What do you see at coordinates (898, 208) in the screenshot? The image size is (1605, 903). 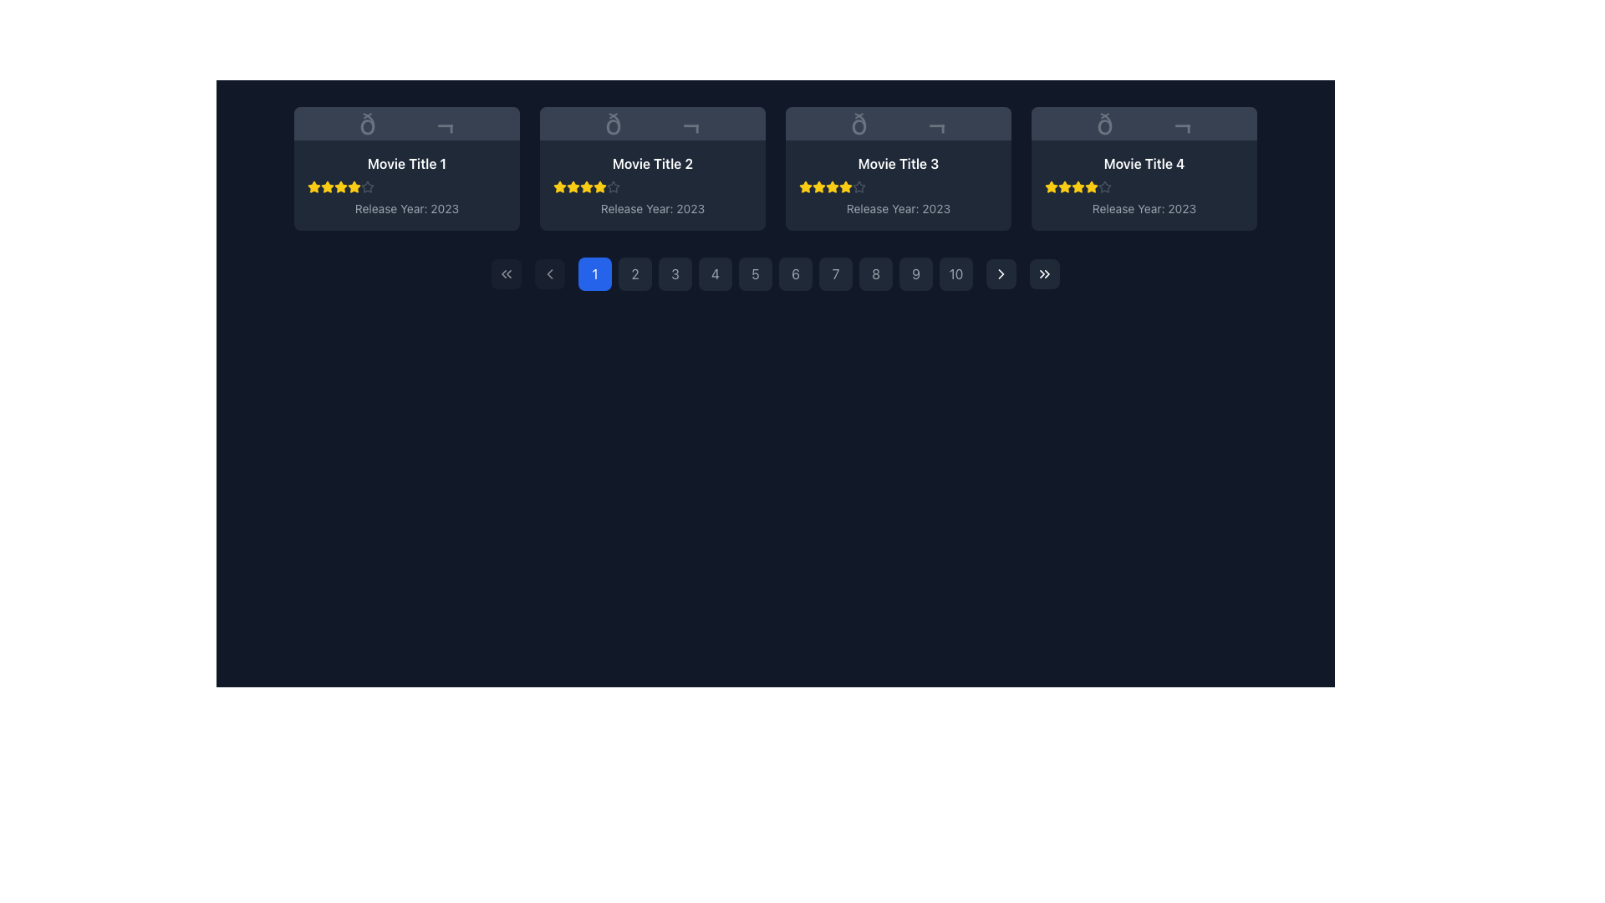 I see `the text label displaying the release year of the movie within the 'Movie Title 3' card, which is positioned at the bottom of the card following the star rating section` at bounding box center [898, 208].